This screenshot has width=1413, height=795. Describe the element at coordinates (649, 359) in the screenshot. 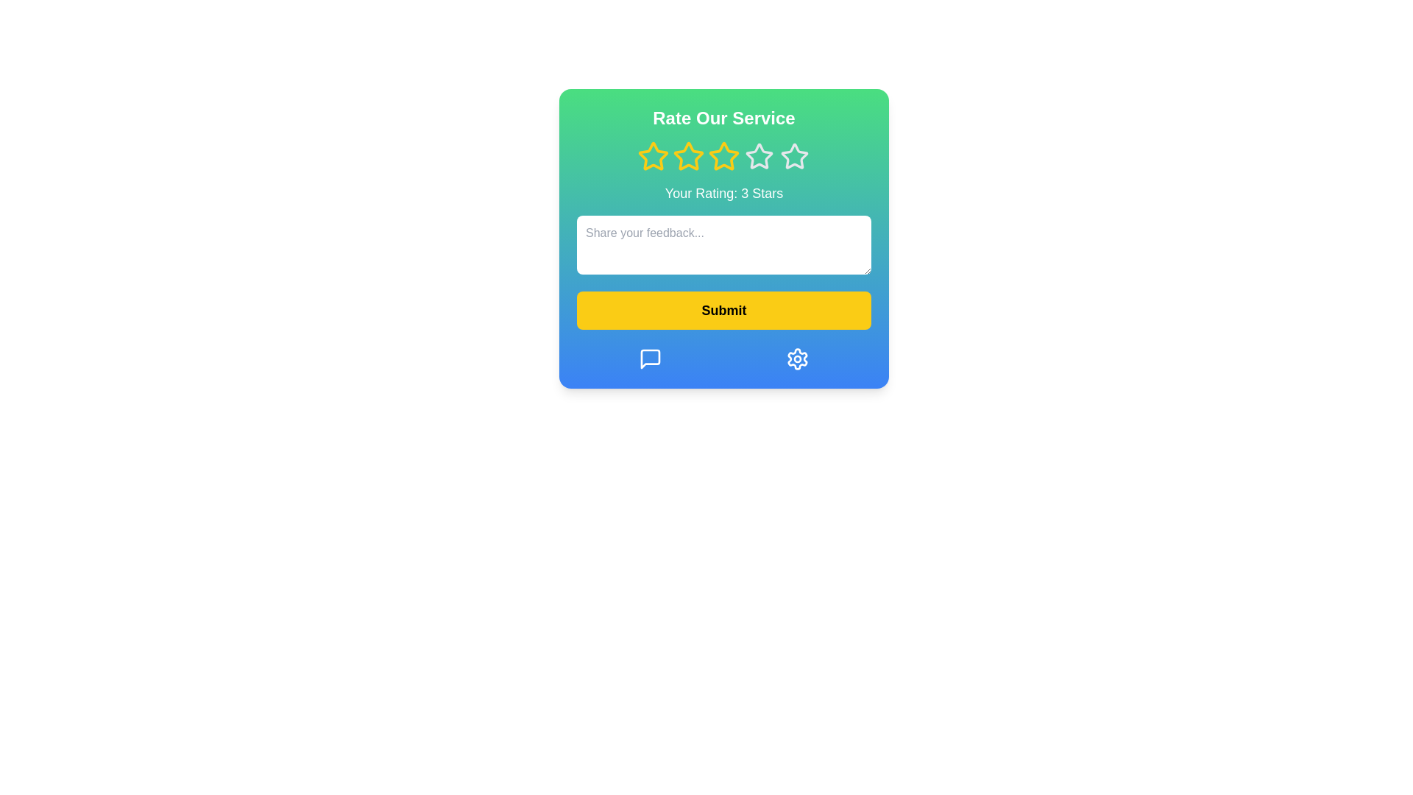

I see `the feedback or comments button located in the bottom-left corner of the card, positioned to the left of the gear icon` at that location.